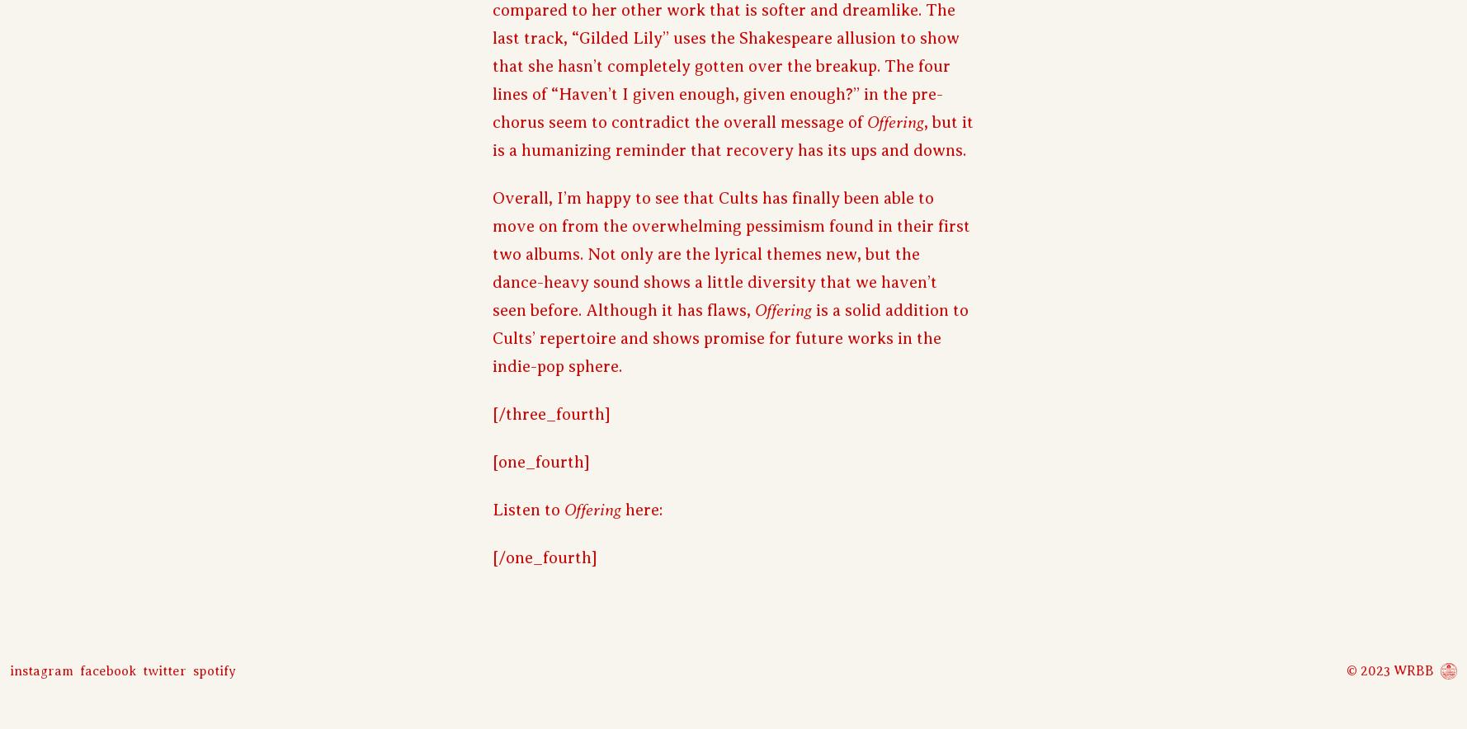 The height and width of the screenshot is (729, 1467). Describe the element at coordinates (214, 670) in the screenshot. I see `'spotify'` at that location.